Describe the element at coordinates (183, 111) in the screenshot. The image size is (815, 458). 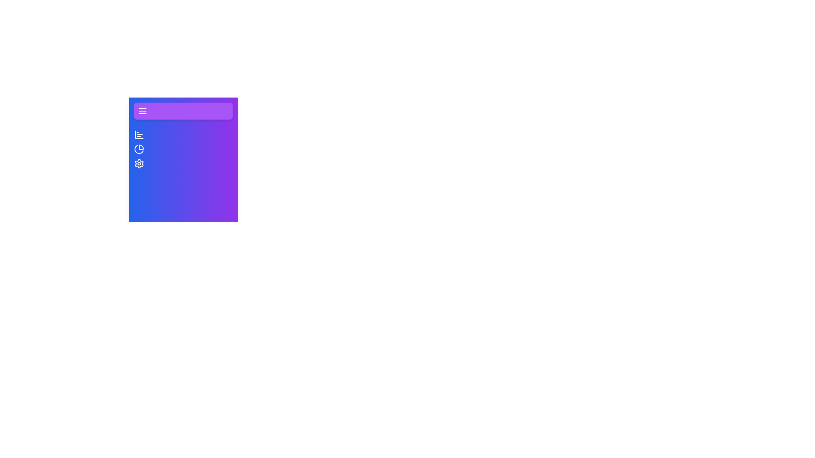
I see `the menu button to toggle the drawer` at that location.